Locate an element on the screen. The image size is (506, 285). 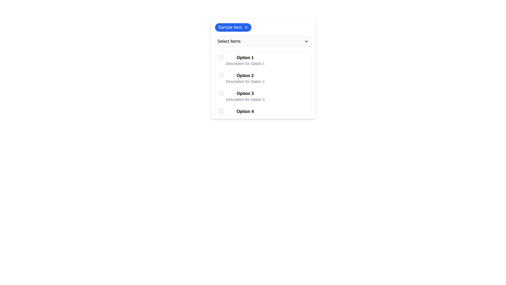
the completion status icon located to the left of the label text in the 'Option 4' dropdown list item is located at coordinates (221, 111).